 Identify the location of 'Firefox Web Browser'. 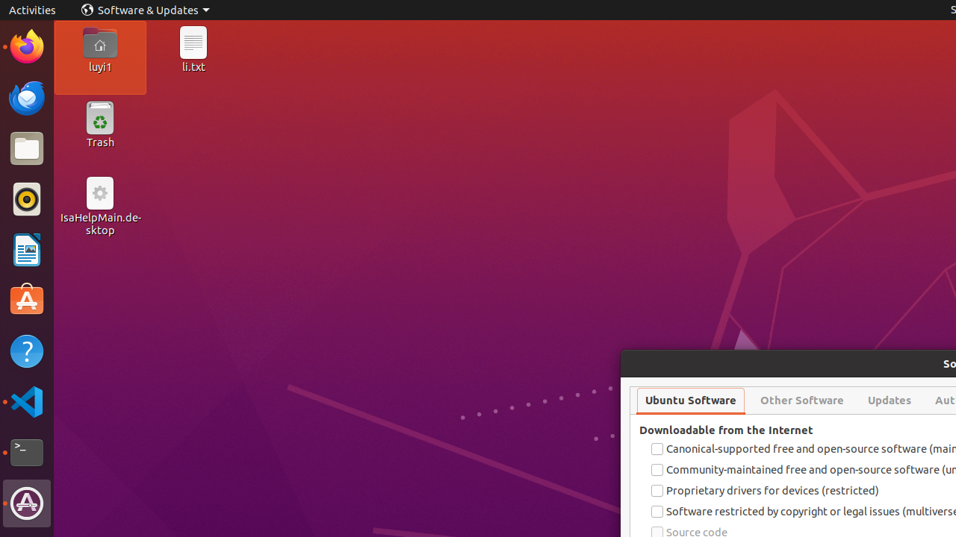
(26, 45).